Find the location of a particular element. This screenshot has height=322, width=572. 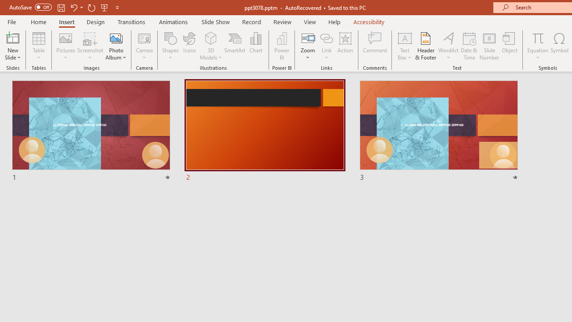

'Zoom' is located at coordinates (308, 46).